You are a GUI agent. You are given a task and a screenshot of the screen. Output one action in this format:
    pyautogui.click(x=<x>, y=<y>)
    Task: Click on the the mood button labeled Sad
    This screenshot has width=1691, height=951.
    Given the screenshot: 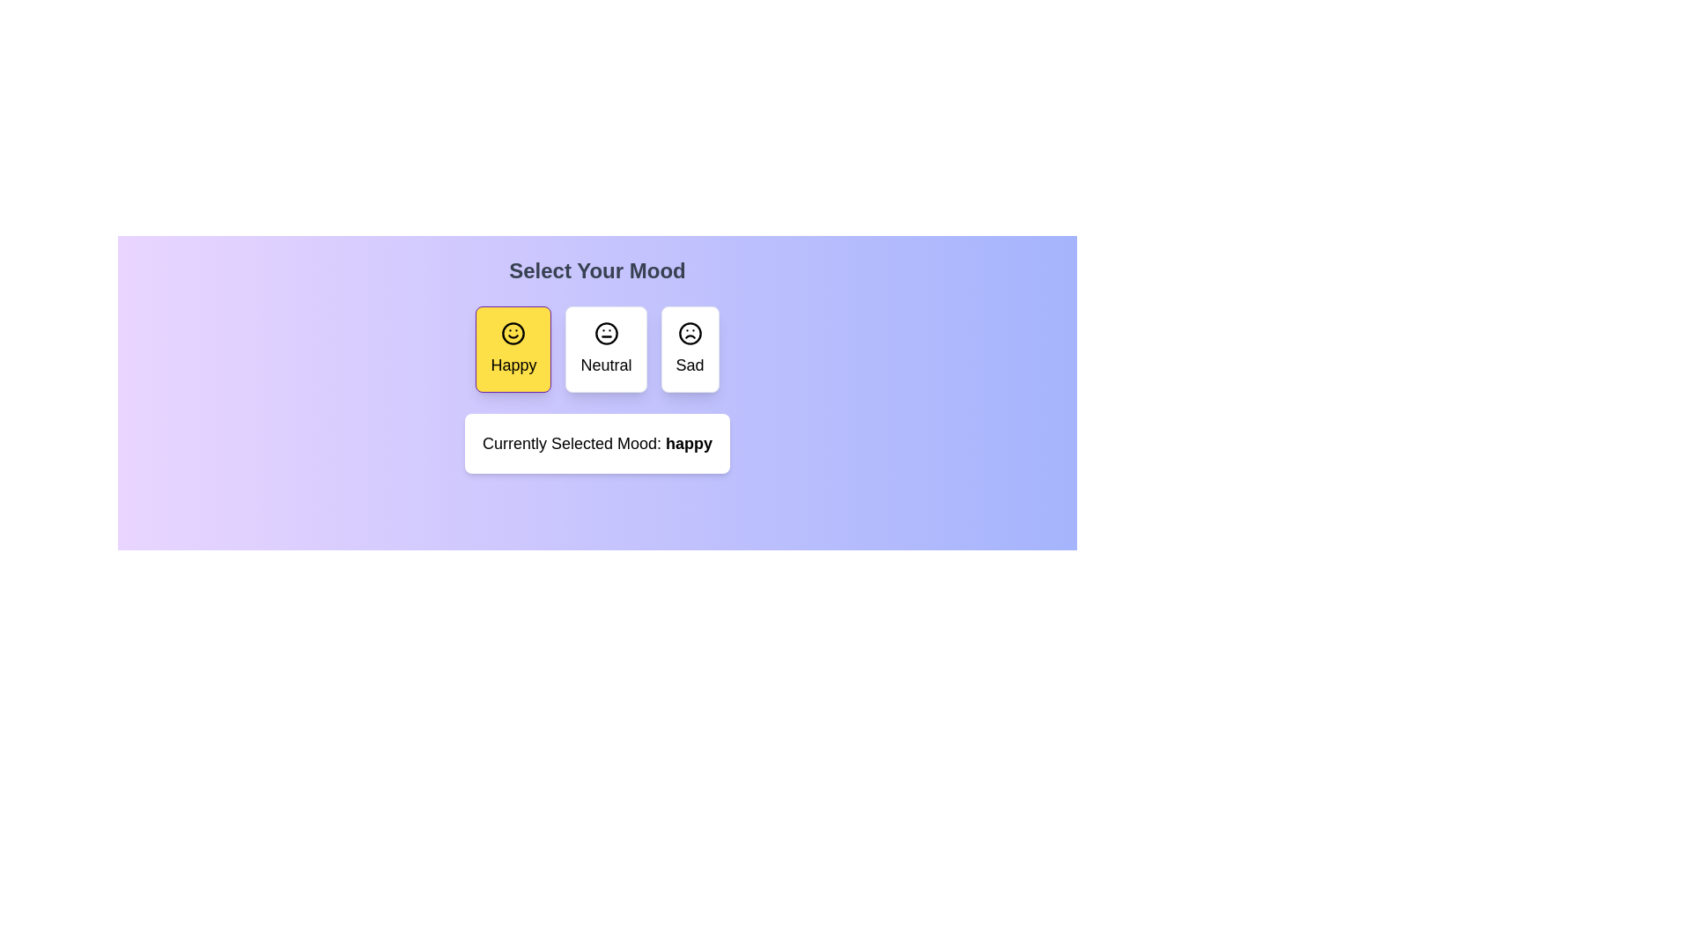 What is the action you would take?
    pyautogui.click(x=689, y=350)
    